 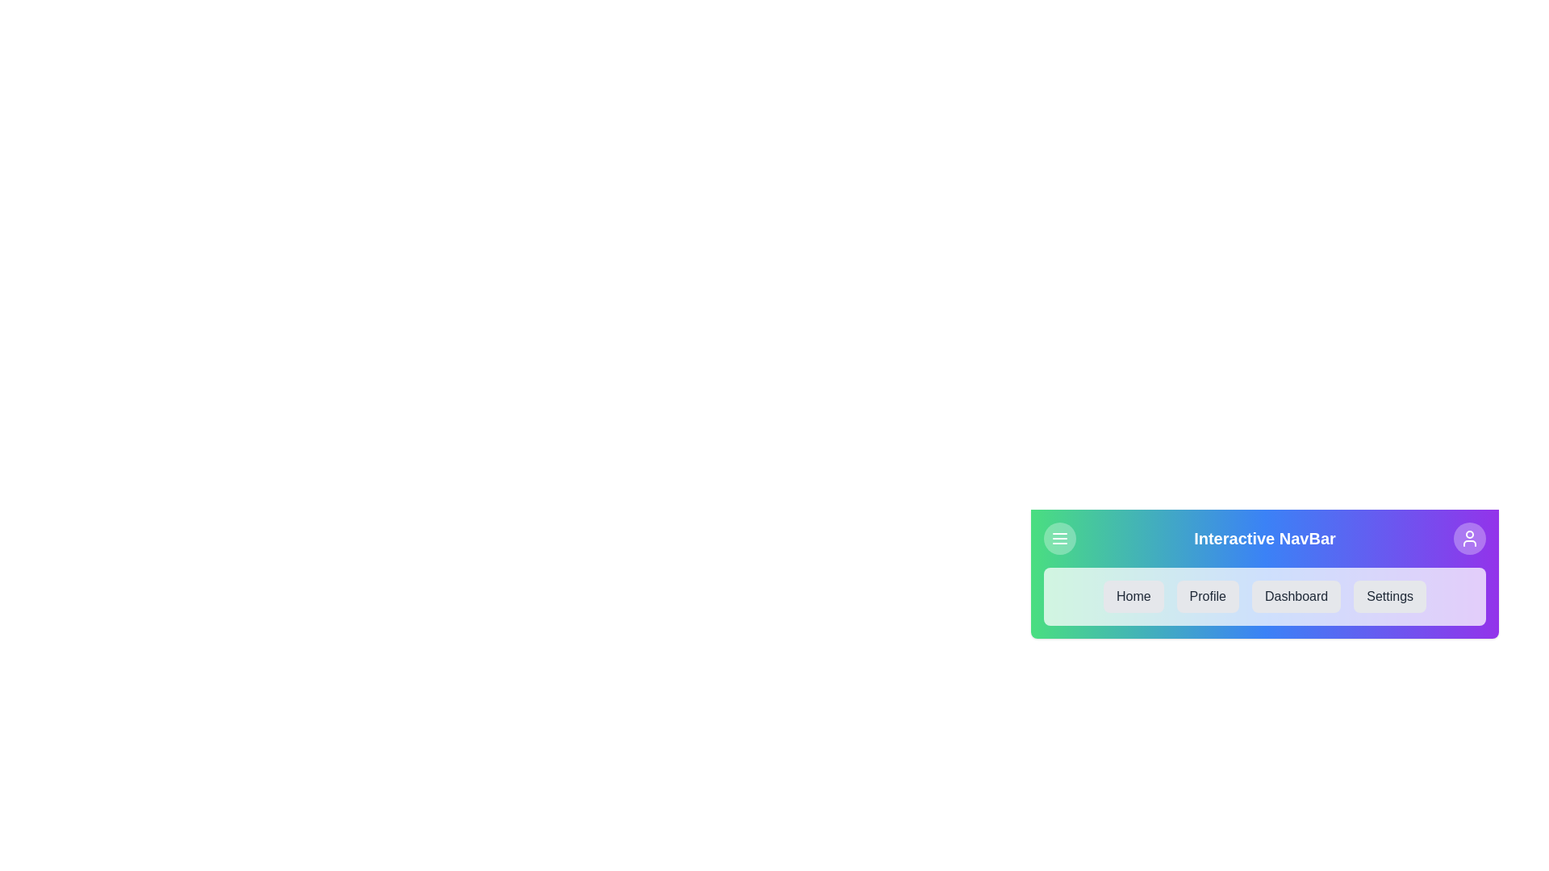 What do you see at coordinates (1060, 538) in the screenshot?
I see `the menu button to toggle the visibility of the navigation menu` at bounding box center [1060, 538].